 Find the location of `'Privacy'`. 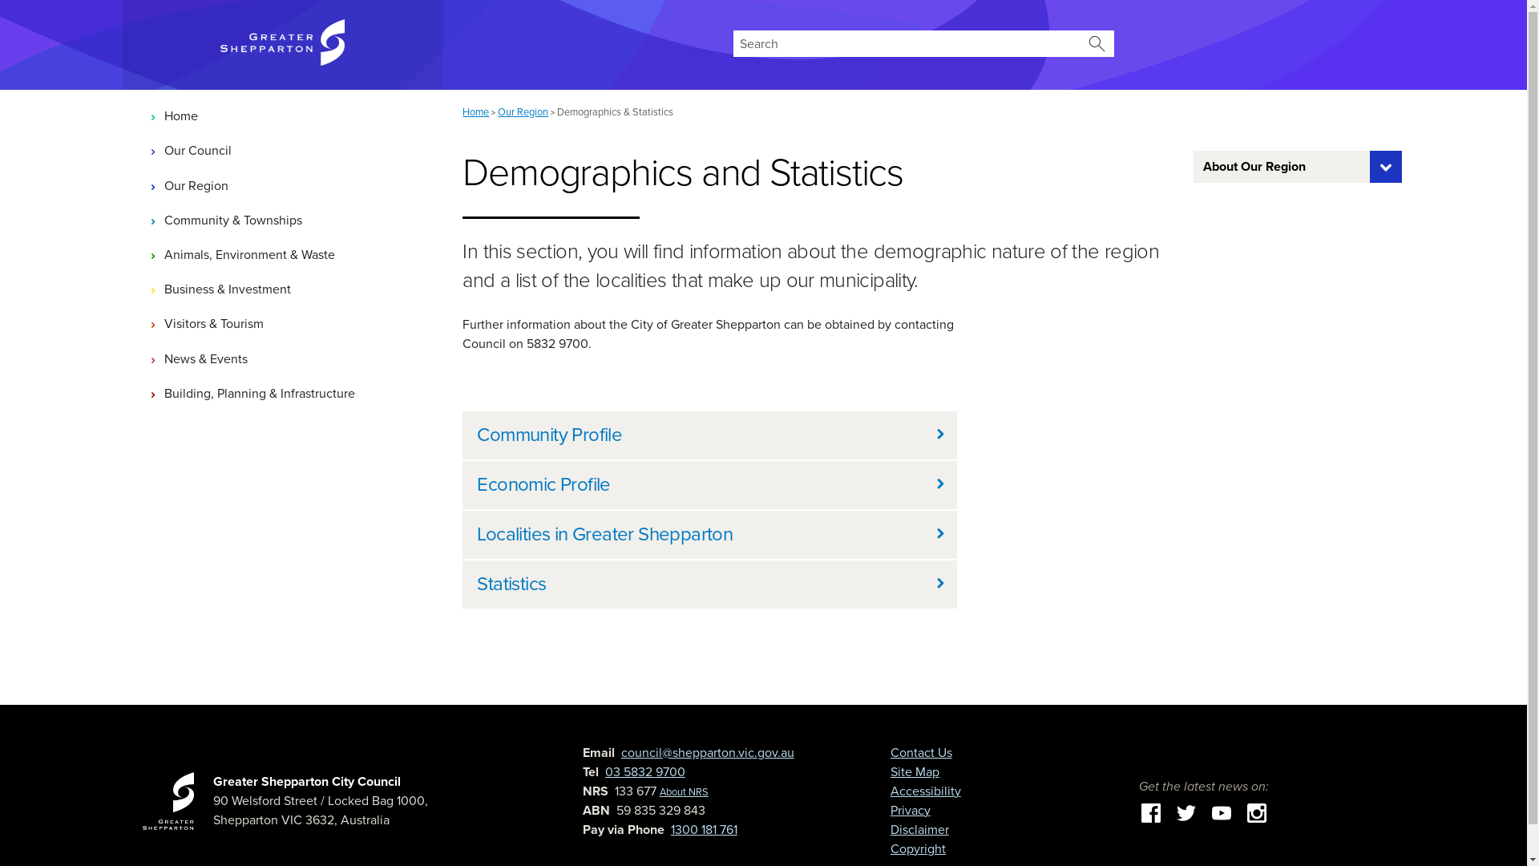

'Privacy' is located at coordinates (911, 810).